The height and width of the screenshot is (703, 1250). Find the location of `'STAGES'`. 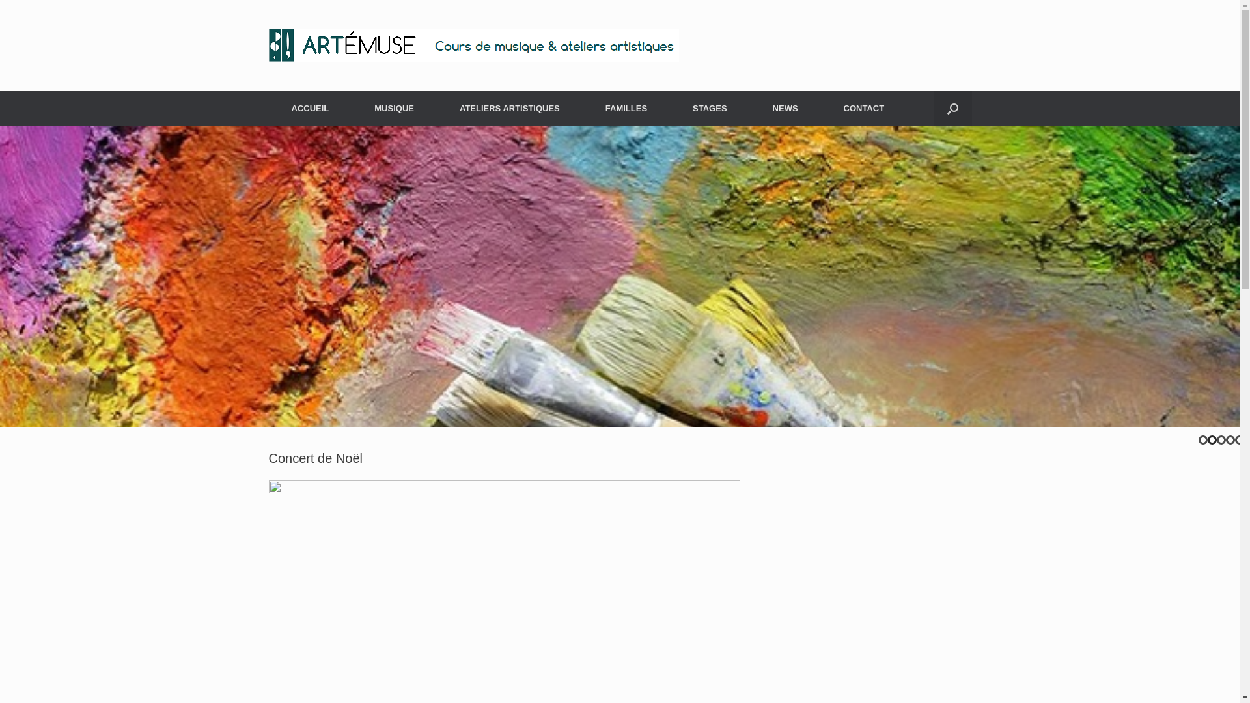

'STAGES' is located at coordinates (709, 107).